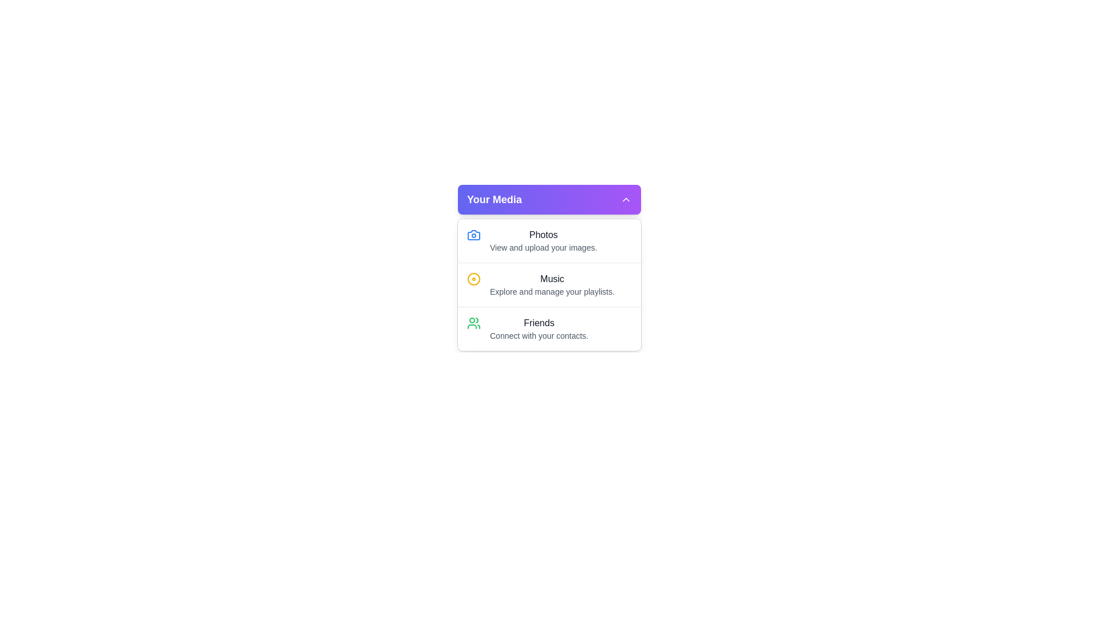 This screenshot has height=618, width=1099. Describe the element at coordinates (552, 291) in the screenshot. I see `the static text providing a description for the 'Music' section, located under the title 'Your Media.'` at that location.